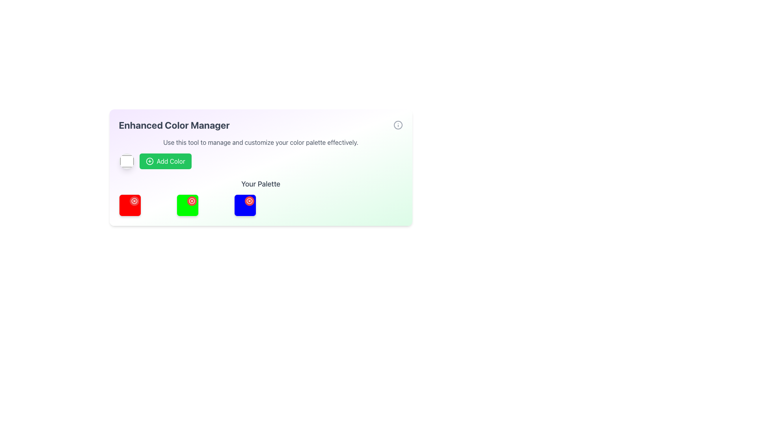 The image size is (757, 425). Describe the element at coordinates (398, 124) in the screenshot. I see `the unfilled circular SVG element with a grey border located in the top-right corner of the interface` at that location.